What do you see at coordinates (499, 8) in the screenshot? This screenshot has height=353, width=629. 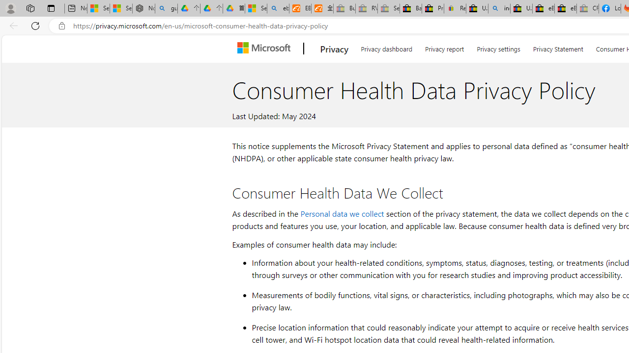 I see `'including - Search'` at bounding box center [499, 8].